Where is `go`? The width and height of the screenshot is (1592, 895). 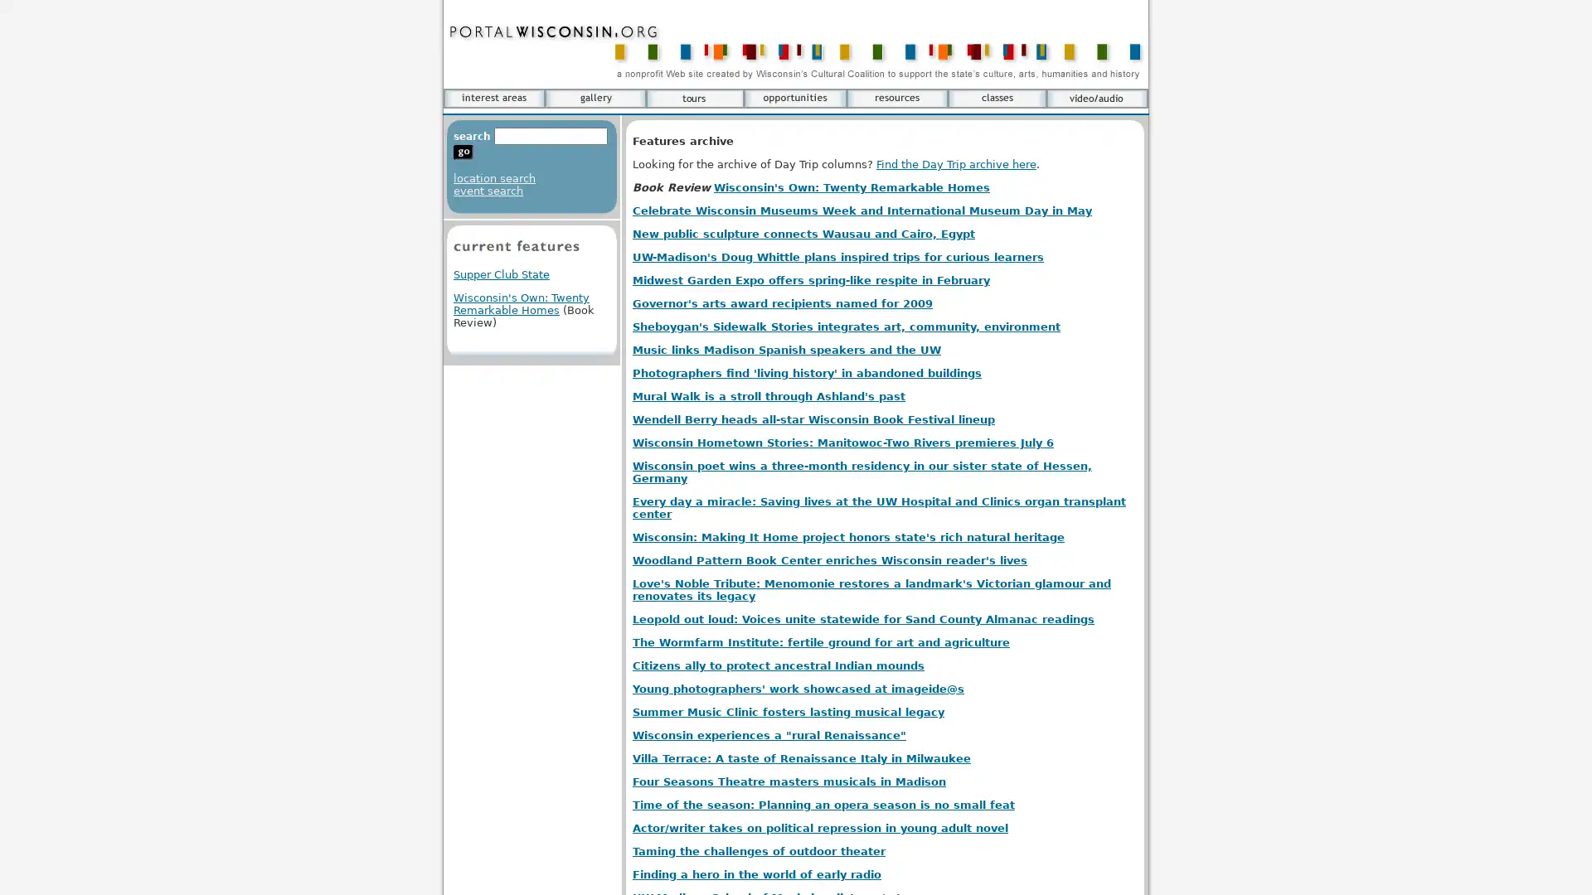
go is located at coordinates (463, 152).